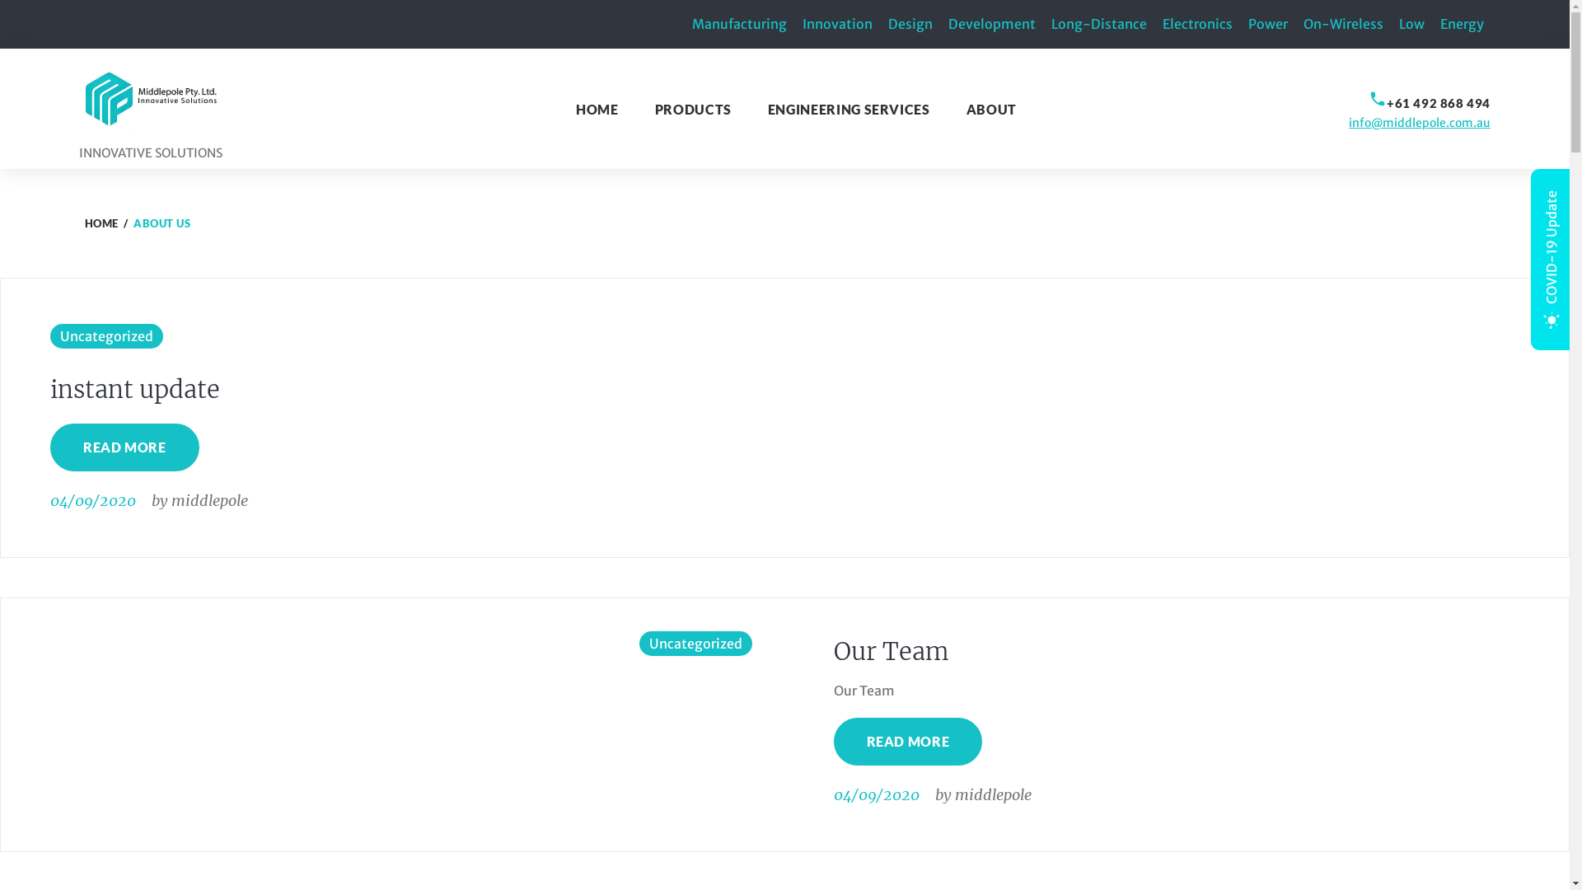  What do you see at coordinates (134, 389) in the screenshot?
I see `'instant update'` at bounding box center [134, 389].